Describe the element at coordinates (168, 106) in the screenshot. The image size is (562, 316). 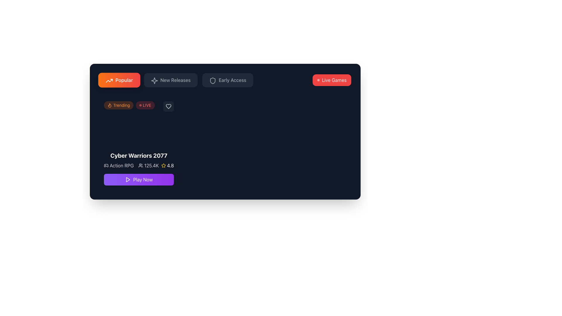
I see `the heart-shaped icon located in the upper-central region of the interface beneath the 'Trending' and 'LIVE' text indicators to like or unlike a post` at that location.